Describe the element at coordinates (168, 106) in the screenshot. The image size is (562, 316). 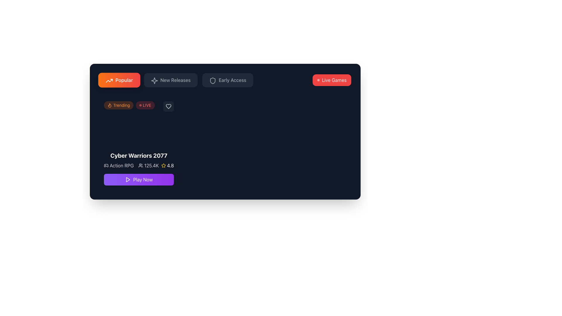
I see `the heart-shaped icon located in the upper-central region of the interface beneath the 'Trending' and 'LIVE' text indicators to like or unlike a post` at that location.